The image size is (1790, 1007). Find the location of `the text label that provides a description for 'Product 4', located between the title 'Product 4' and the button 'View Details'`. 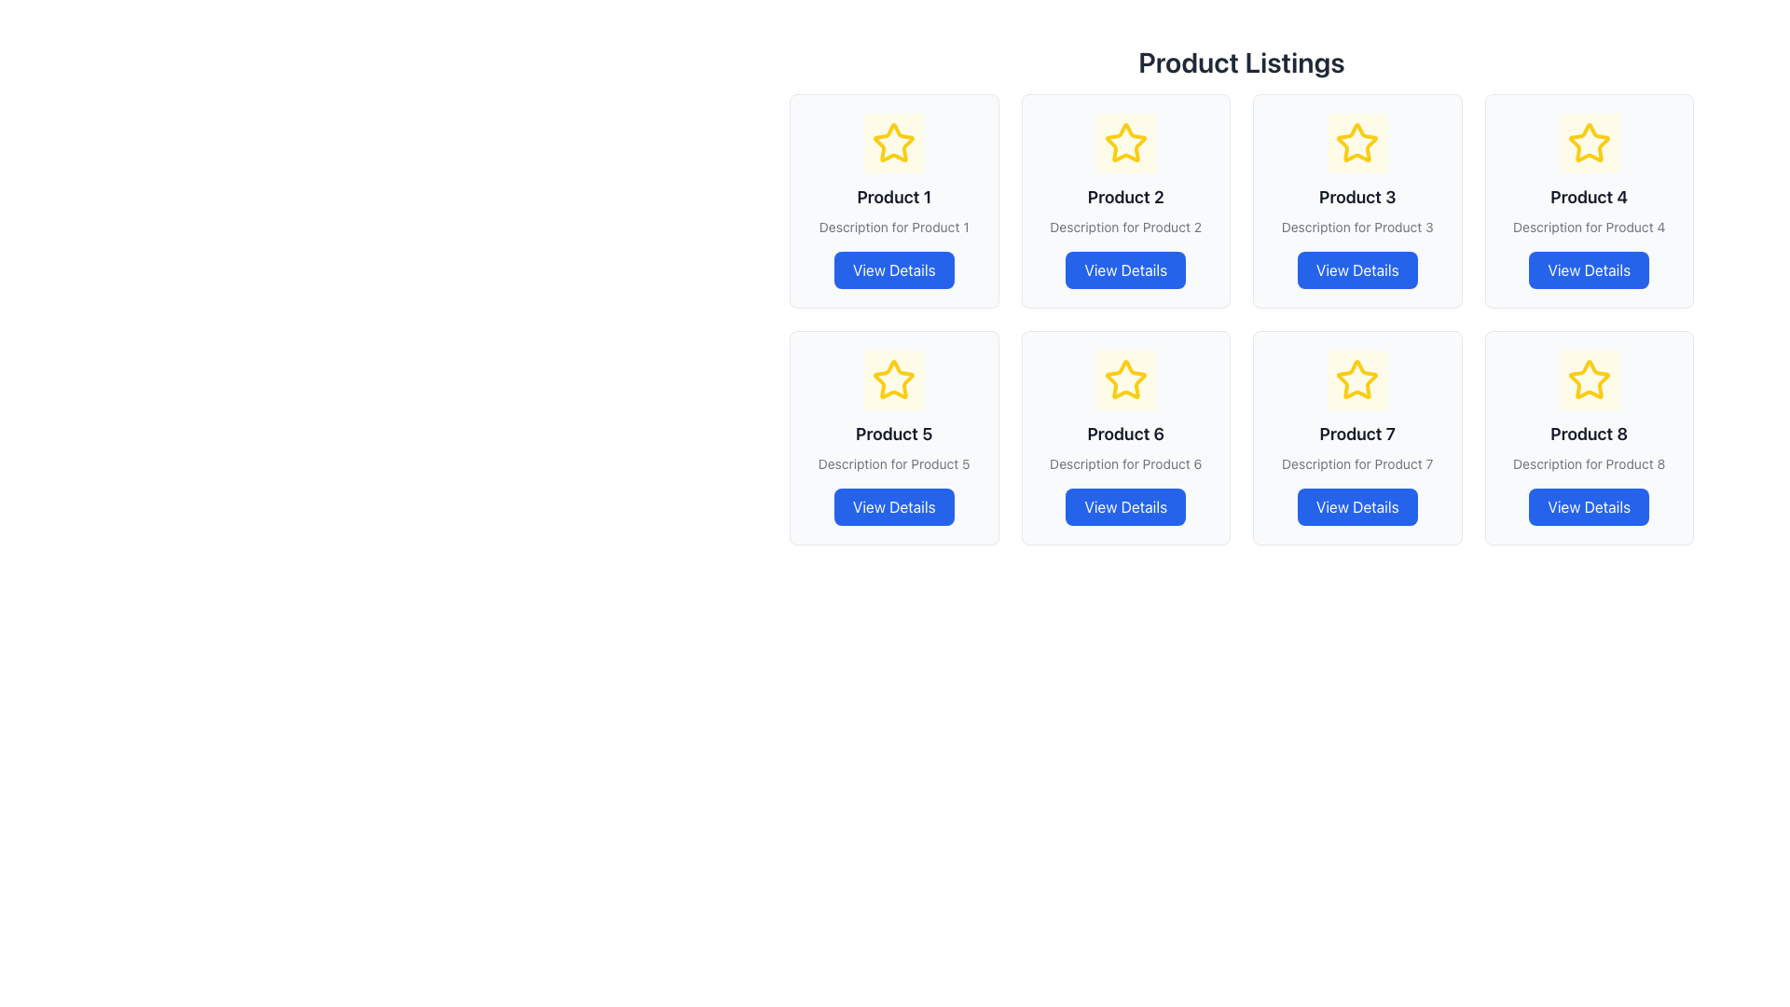

the text label that provides a description for 'Product 4', located between the title 'Product 4' and the button 'View Details' is located at coordinates (1588, 226).